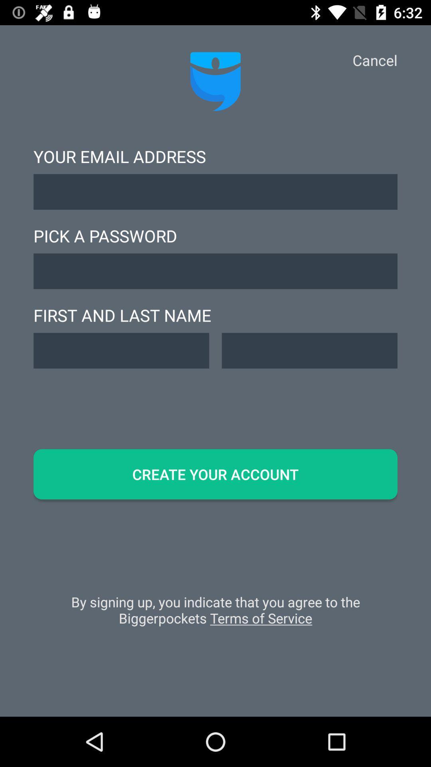 Image resolution: width=431 pixels, height=767 pixels. What do you see at coordinates (215, 614) in the screenshot?
I see `the by signing up icon` at bounding box center [215, 614].